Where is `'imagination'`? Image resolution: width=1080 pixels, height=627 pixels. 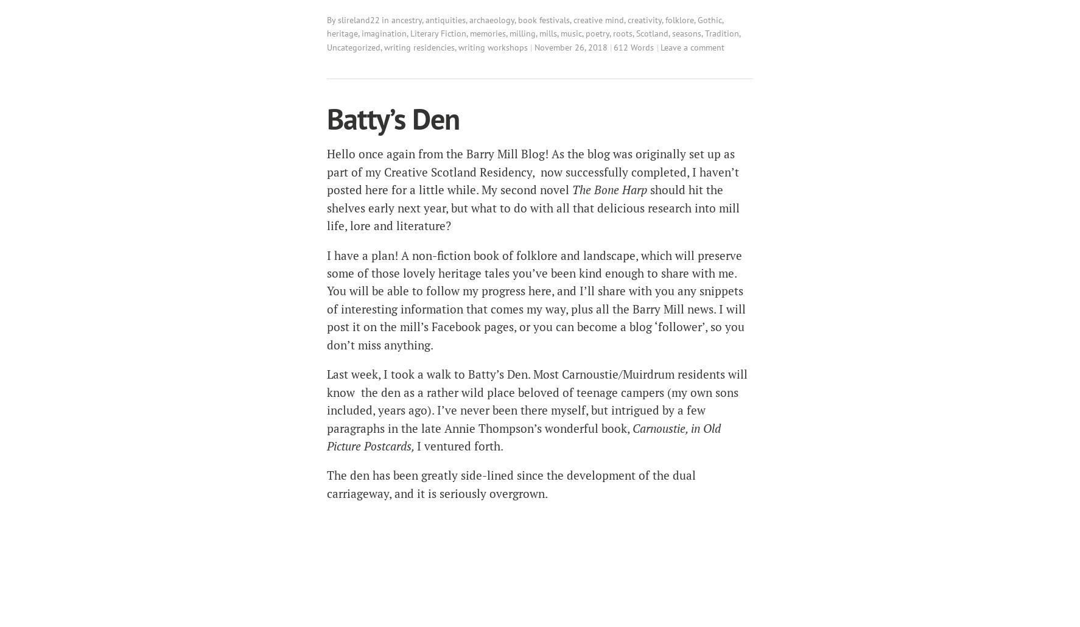 'imagination' is located at coordinates (384, 33).